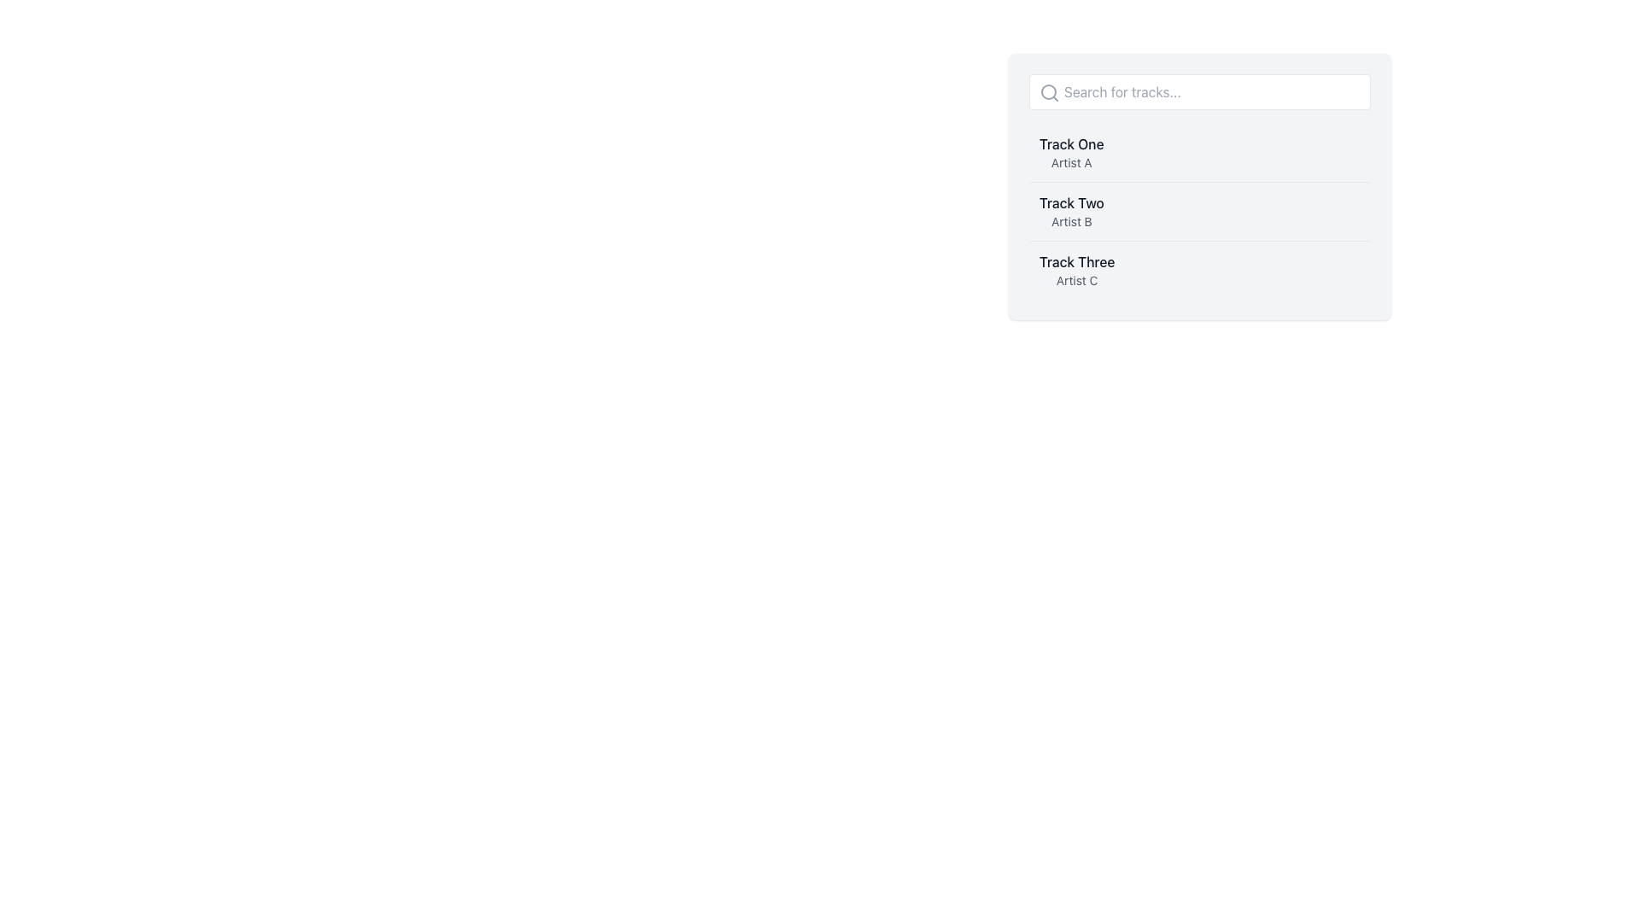  What do you see at coordinates (1199, 210) in the screenshot?
I see `the second music track entry in the list` at bounding box center [1199, 210].